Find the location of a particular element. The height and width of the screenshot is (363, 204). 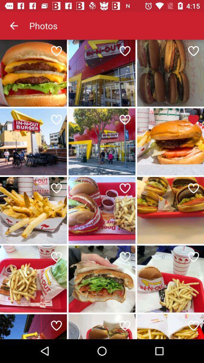

the item below photos is located at coordinates (56, 50).